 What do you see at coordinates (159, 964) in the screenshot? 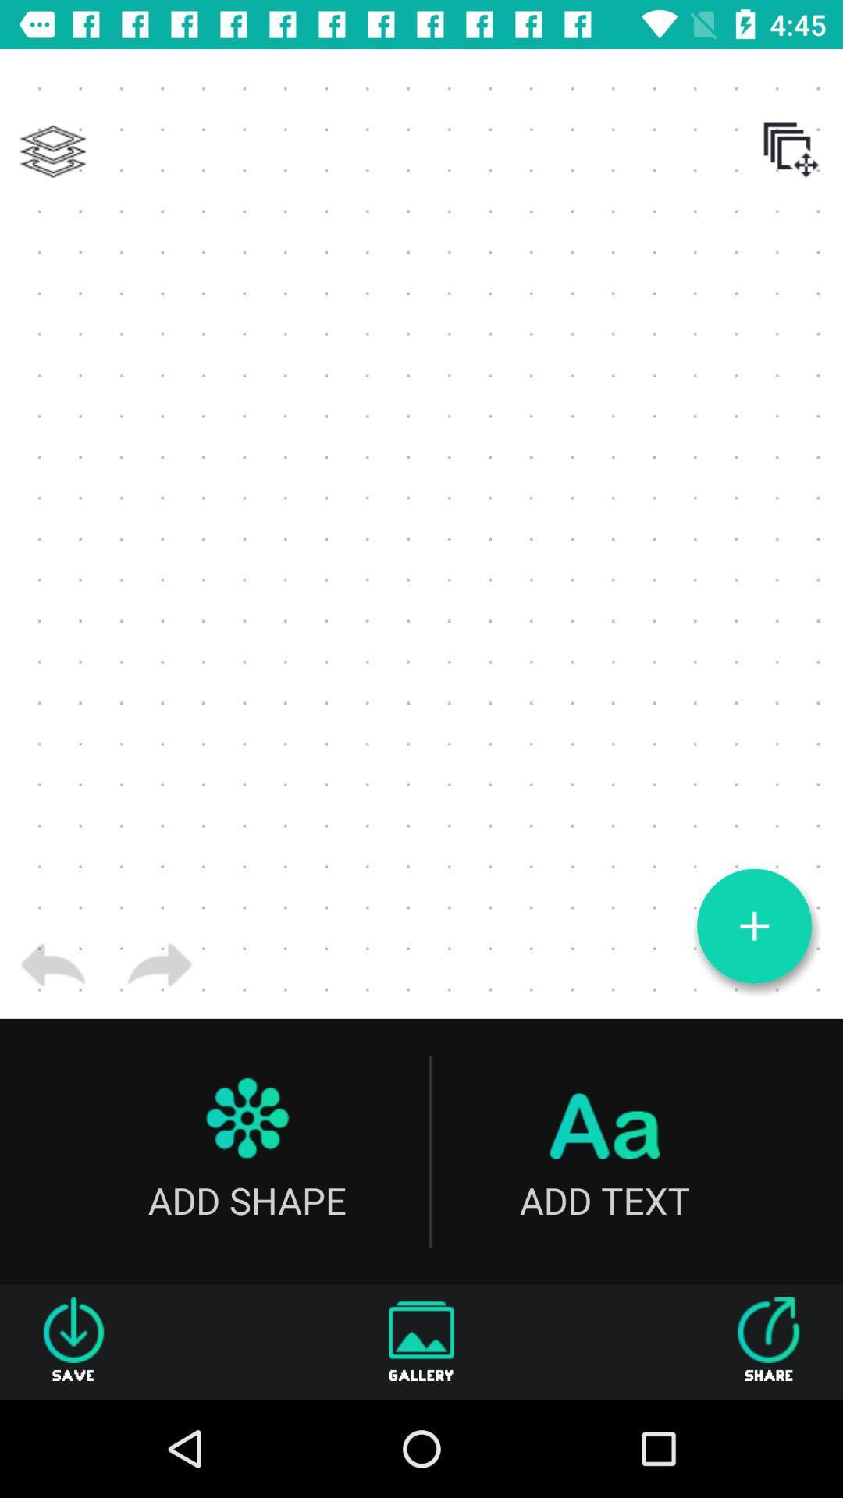
I see `item above add shape item` at bounding box center [159, 964].